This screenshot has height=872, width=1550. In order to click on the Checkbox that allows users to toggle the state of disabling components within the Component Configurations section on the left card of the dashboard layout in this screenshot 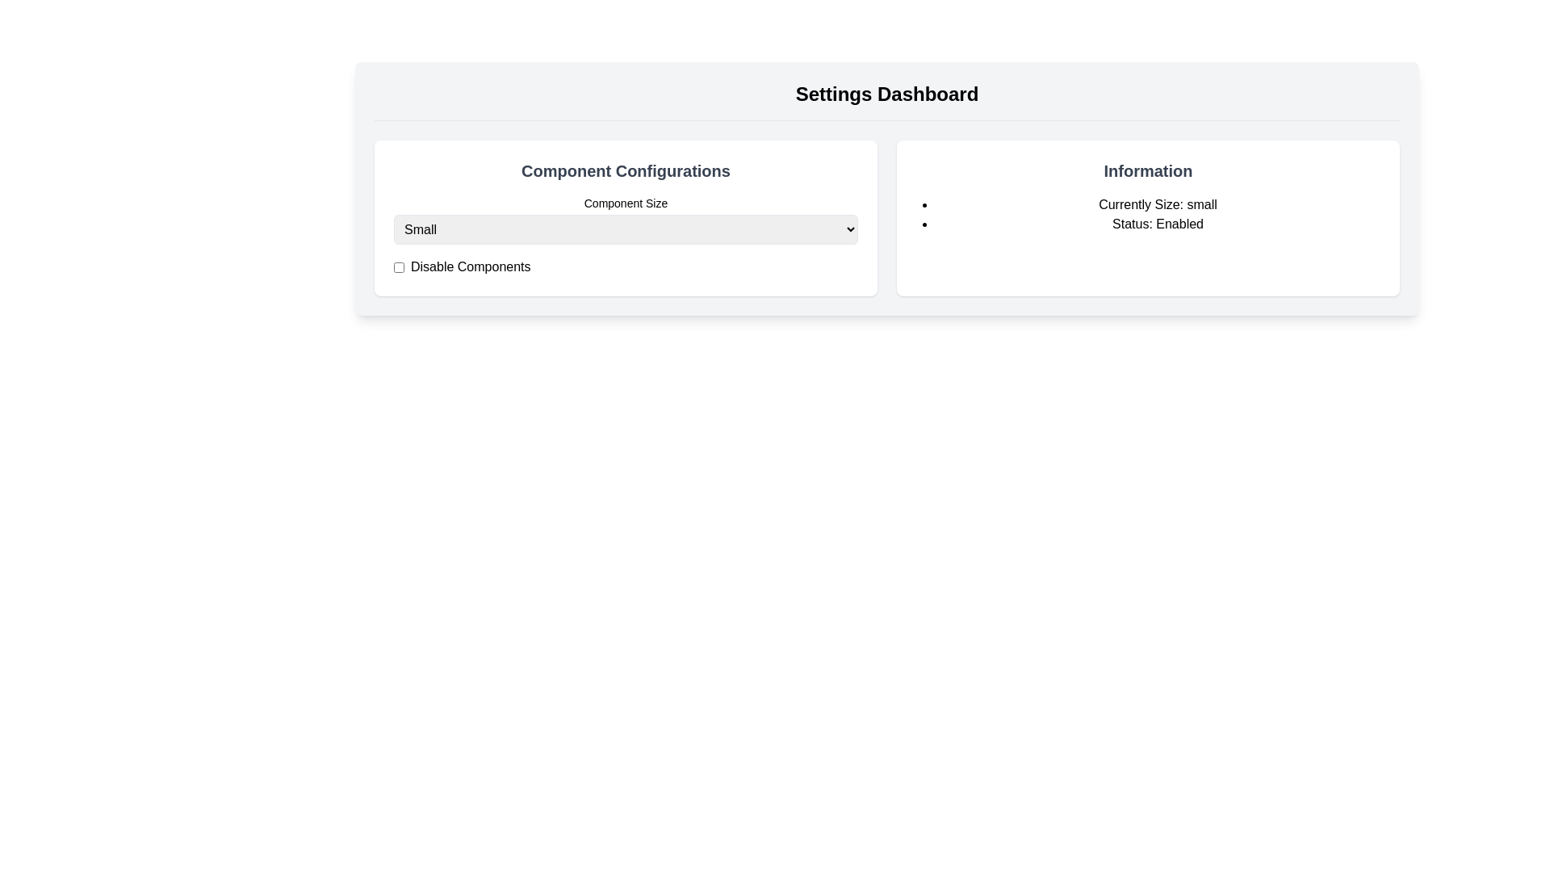, I will do `click(399, 266)`.